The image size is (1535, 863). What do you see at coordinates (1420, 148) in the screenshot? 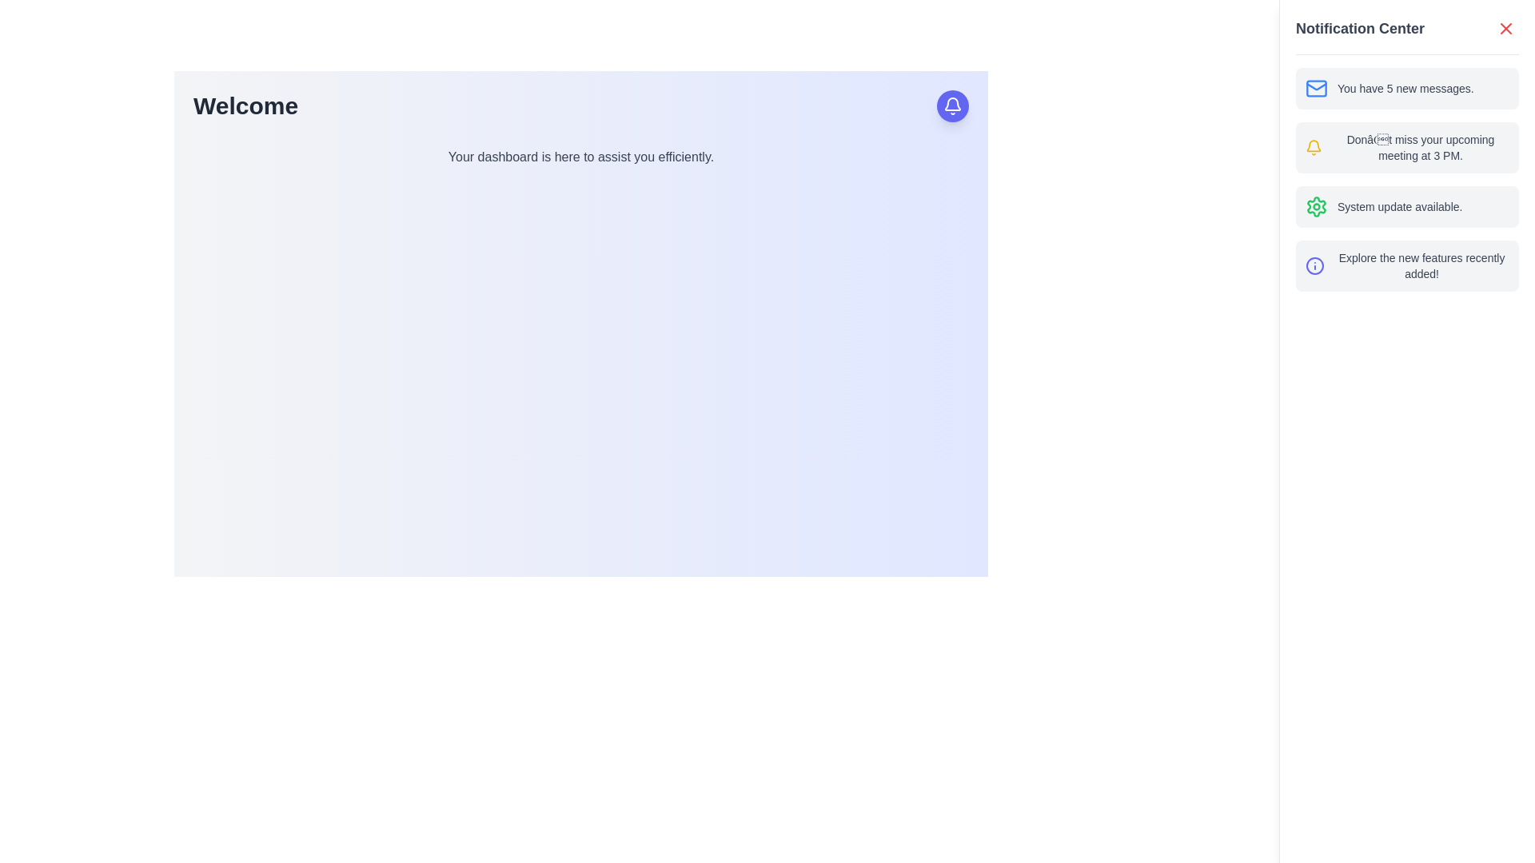
I see `text content of the notification labeled 'Don’t miss your upcoming meeting at 3 PM.' which is styled in gray within the notification card` at bounding box center [1420, 148].